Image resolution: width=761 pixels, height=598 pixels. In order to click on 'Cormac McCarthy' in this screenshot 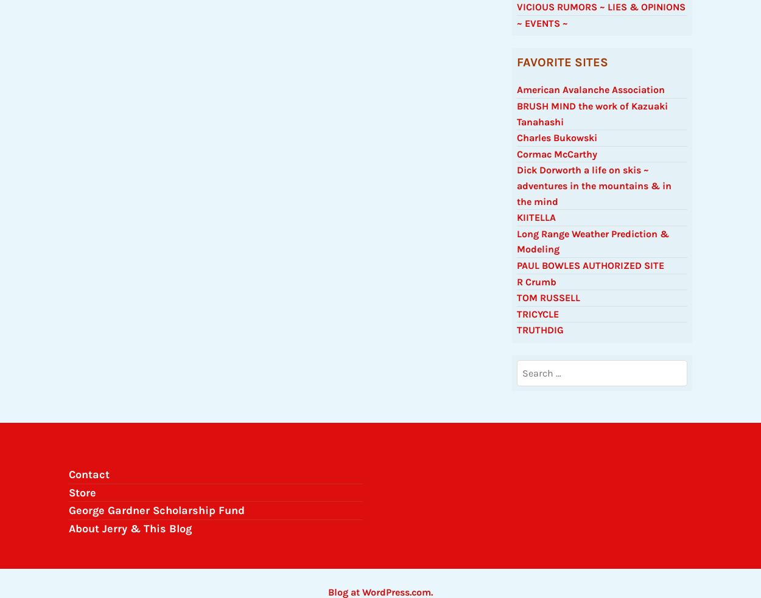, I will do `click(557, 159)`.